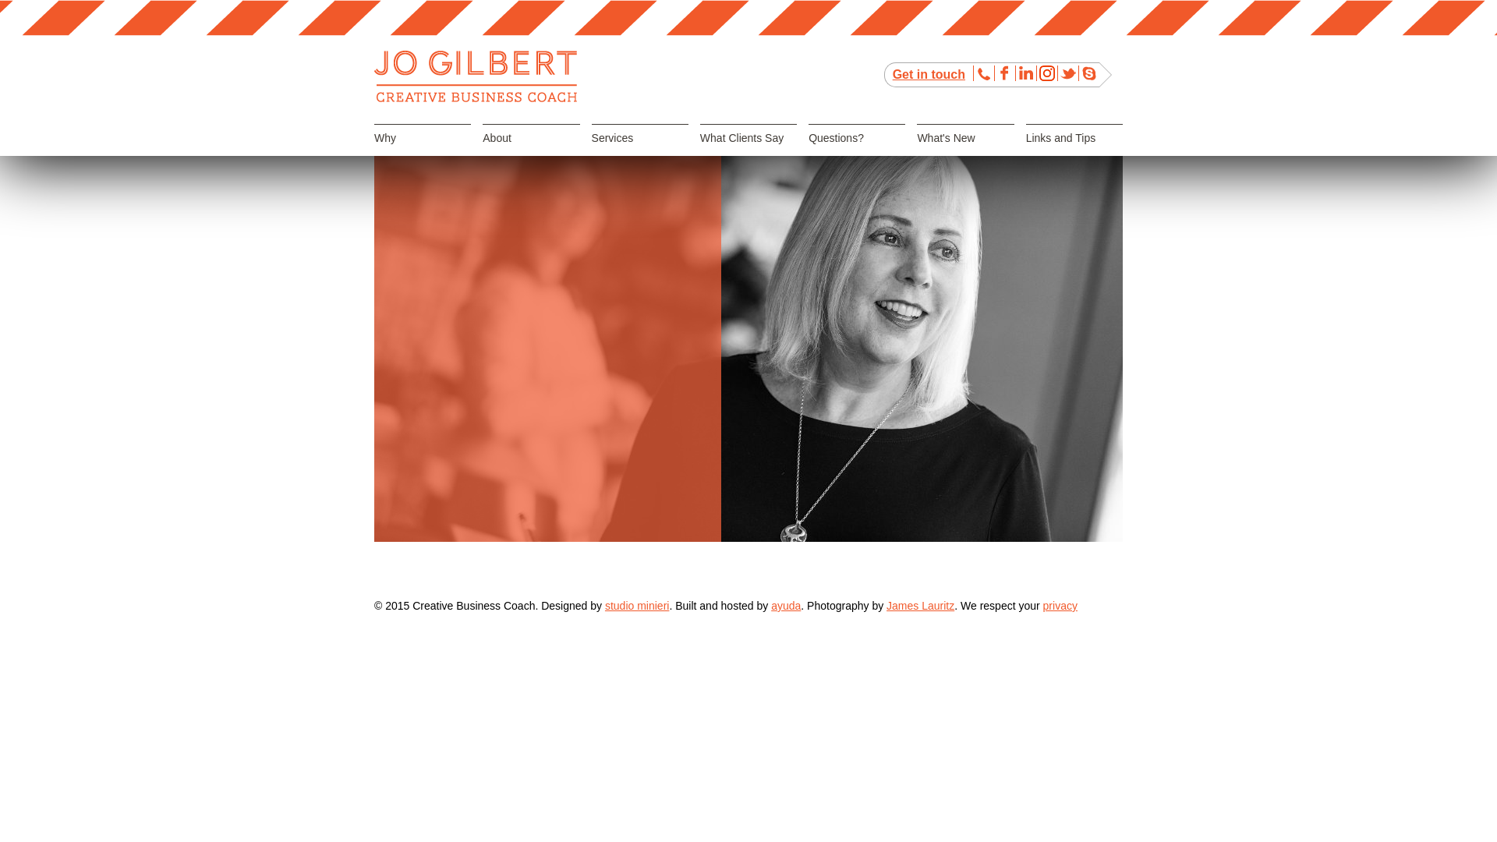 The image size is (1497, 842). Describe the element at coordinates (636, 604) in the screenshot. I see `'studio minieri'` at that location.